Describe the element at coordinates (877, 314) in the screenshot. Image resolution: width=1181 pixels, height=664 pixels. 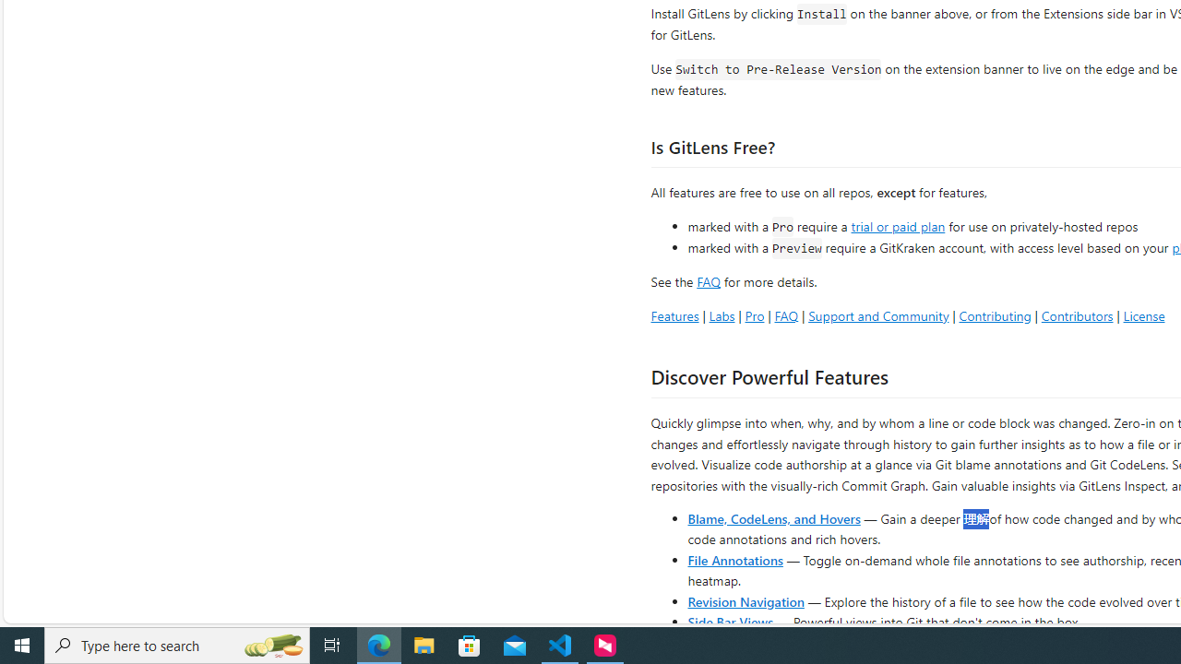
I see `'Support and Community'` at that location.